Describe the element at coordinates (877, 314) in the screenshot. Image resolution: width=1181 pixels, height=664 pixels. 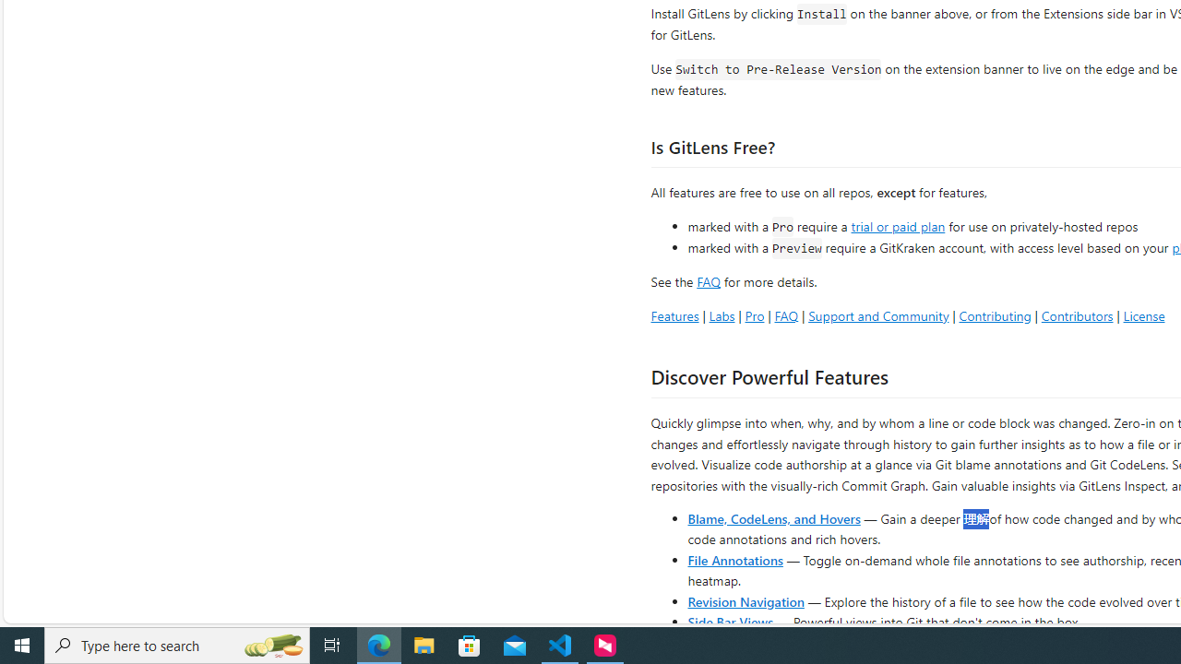
I see `'Support and Community'` at that location.